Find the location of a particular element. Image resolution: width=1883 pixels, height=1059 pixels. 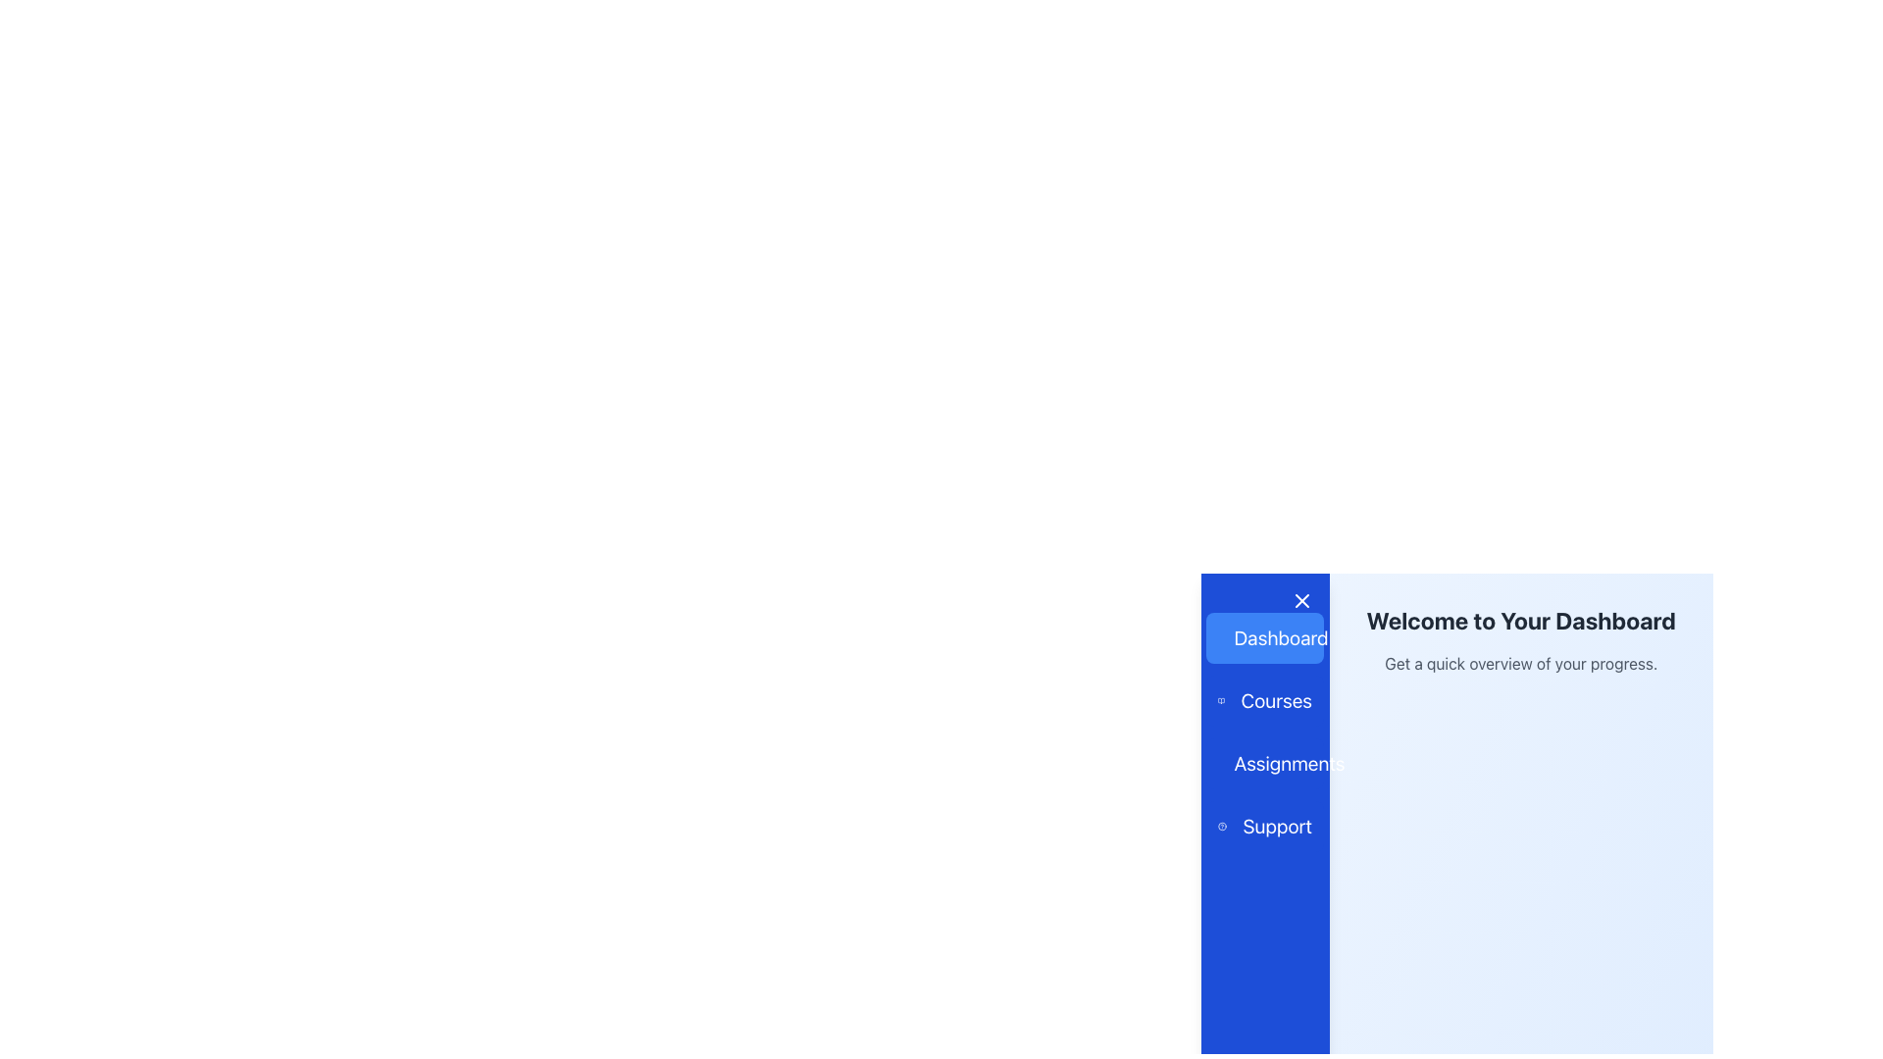

the 'Support' button, which is a rectangular button with a rounded blue background, displaying white text and a help icon, located at the bottom of the navigation options list is located at coordinates (1265, 827).